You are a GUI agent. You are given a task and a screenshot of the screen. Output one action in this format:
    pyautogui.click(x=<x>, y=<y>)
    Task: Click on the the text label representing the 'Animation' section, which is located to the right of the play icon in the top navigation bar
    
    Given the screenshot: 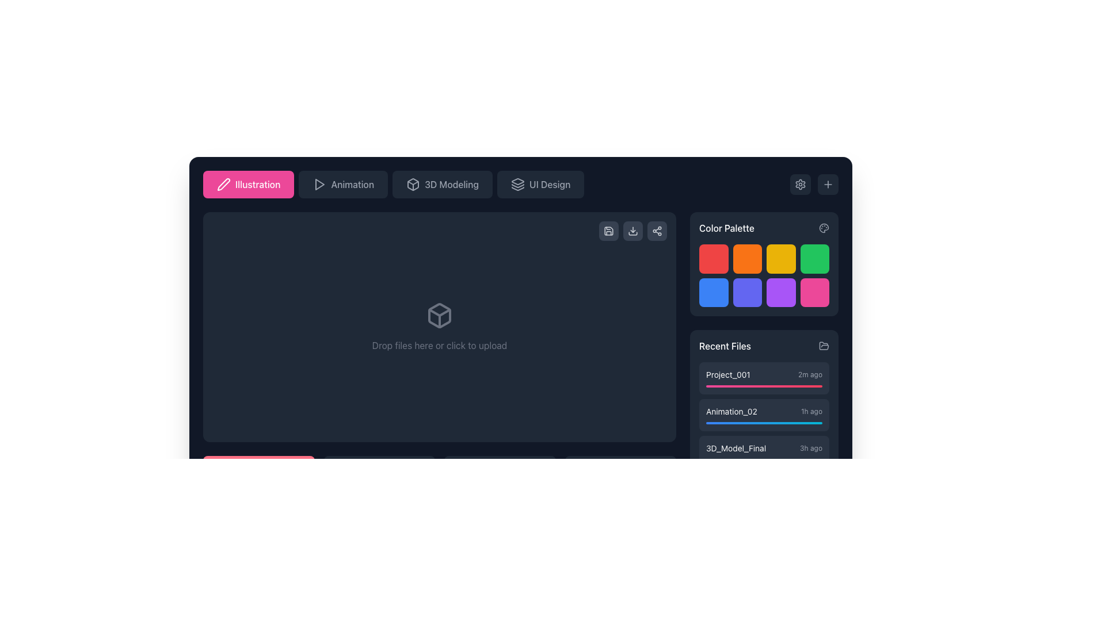 What is the action you would take?
    pyautogui.click(x=352, y=183)
    